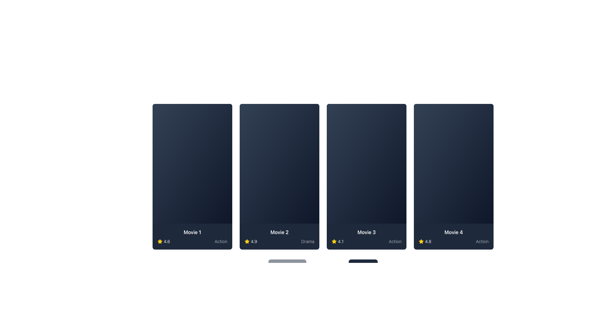 Image resolution: width=593 pixels, height=334 pixels. What do you see at coordinates (421, 241) in the screenshot?
I see `the small yellow star icon that is part of the rating display, located to the left of the numerical rating value '4.8' at the bottom right corner of the fourth card` at bounding box center [421, 241].